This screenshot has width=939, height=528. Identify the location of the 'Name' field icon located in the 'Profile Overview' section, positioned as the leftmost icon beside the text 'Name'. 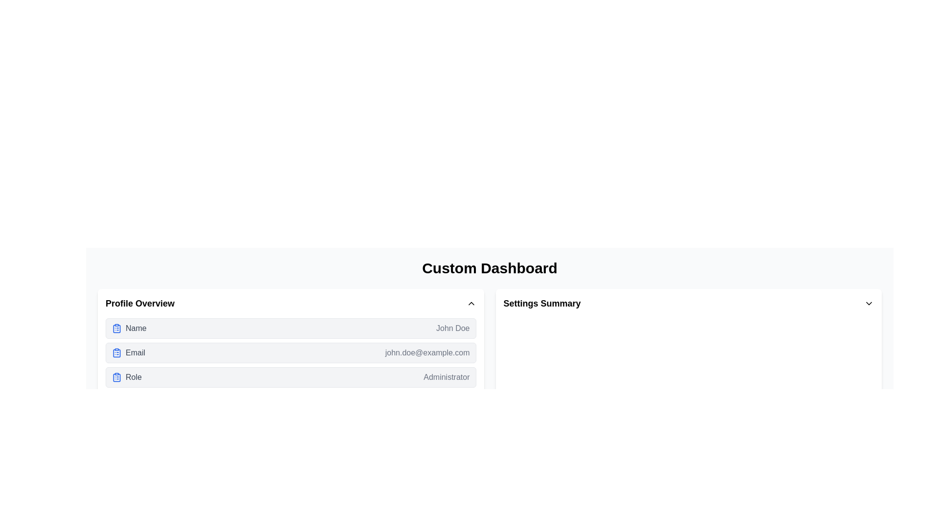
(117, 328).